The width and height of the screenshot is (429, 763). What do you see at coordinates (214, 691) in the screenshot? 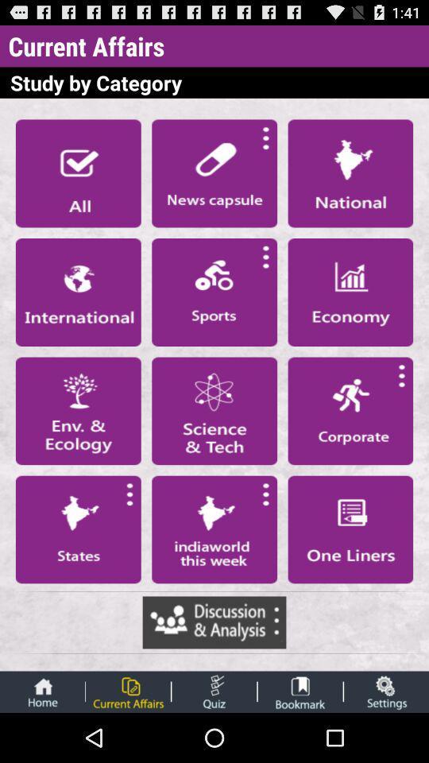
I see `take quiz` at bounding box center [214, 691].